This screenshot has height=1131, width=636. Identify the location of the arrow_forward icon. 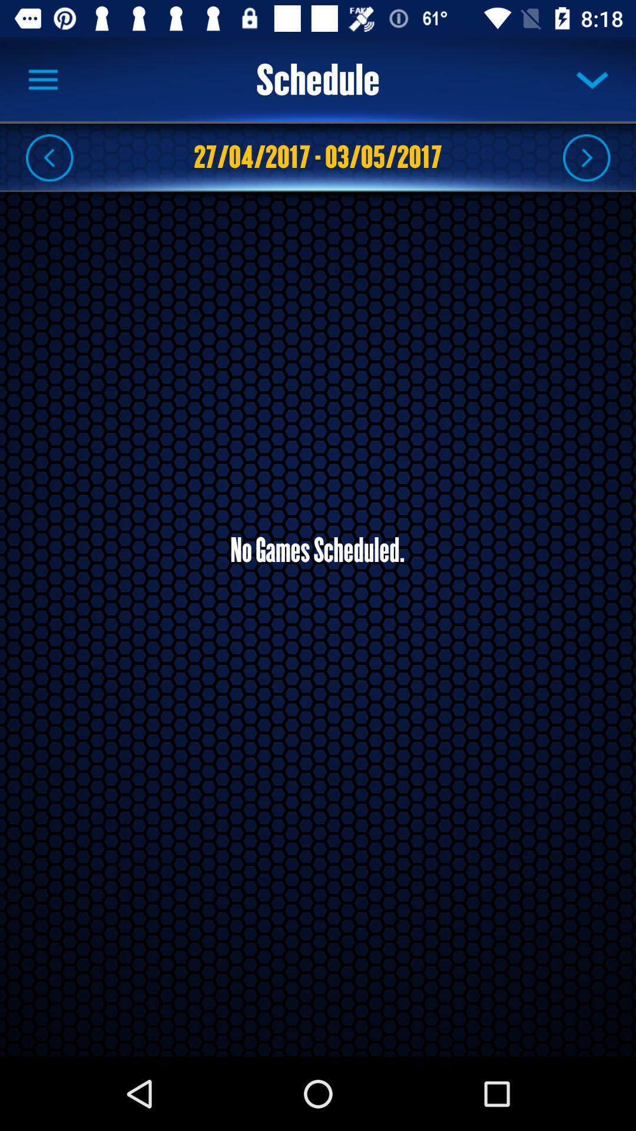
(586, 157).